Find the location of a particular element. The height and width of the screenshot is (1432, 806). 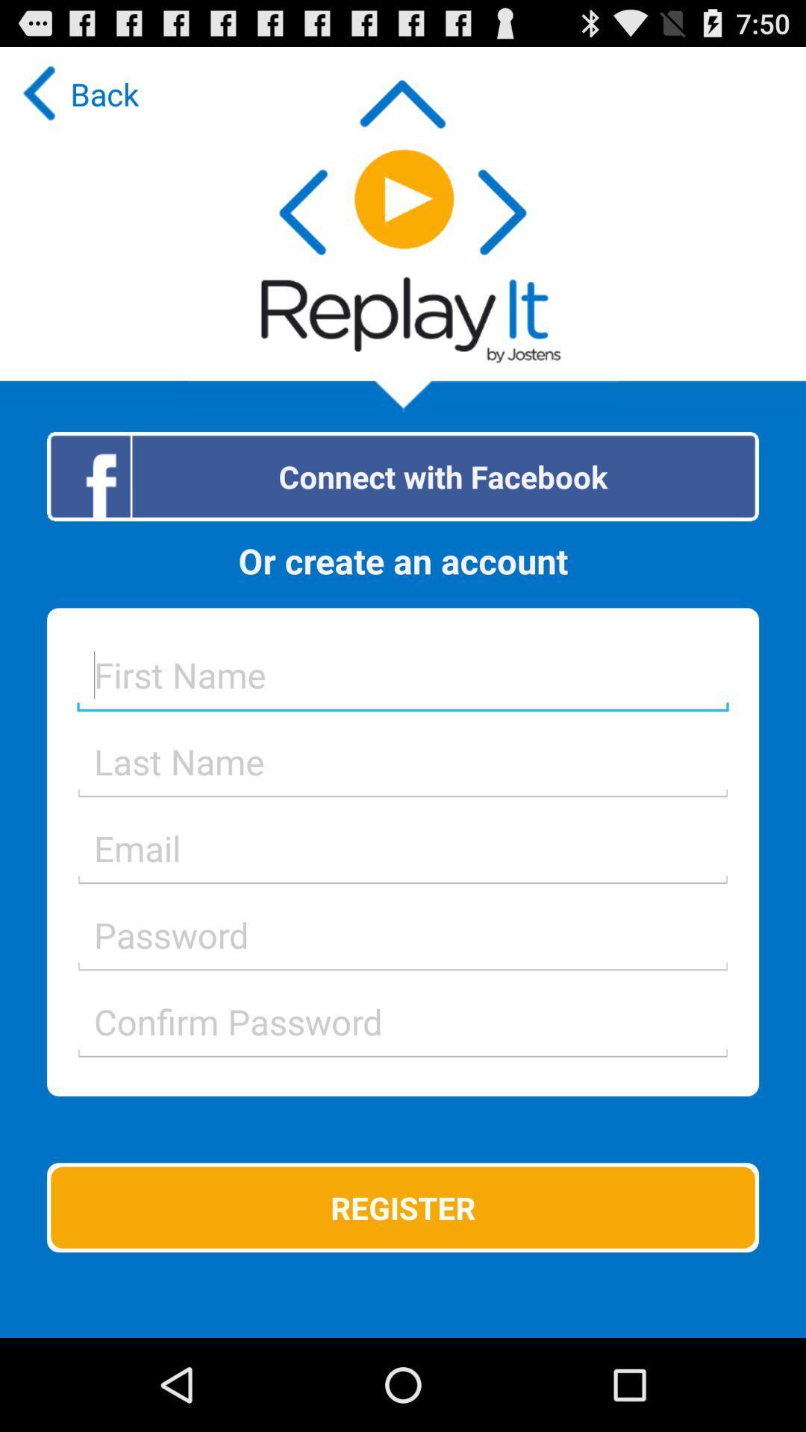

register item is located at coordinates (403, 1208).